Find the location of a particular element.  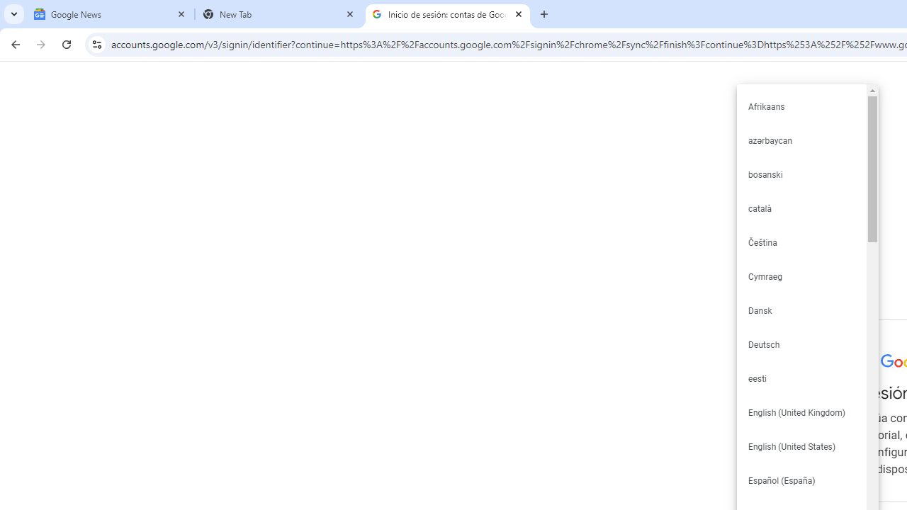

'Reload' is located at coordinates (66, 43).